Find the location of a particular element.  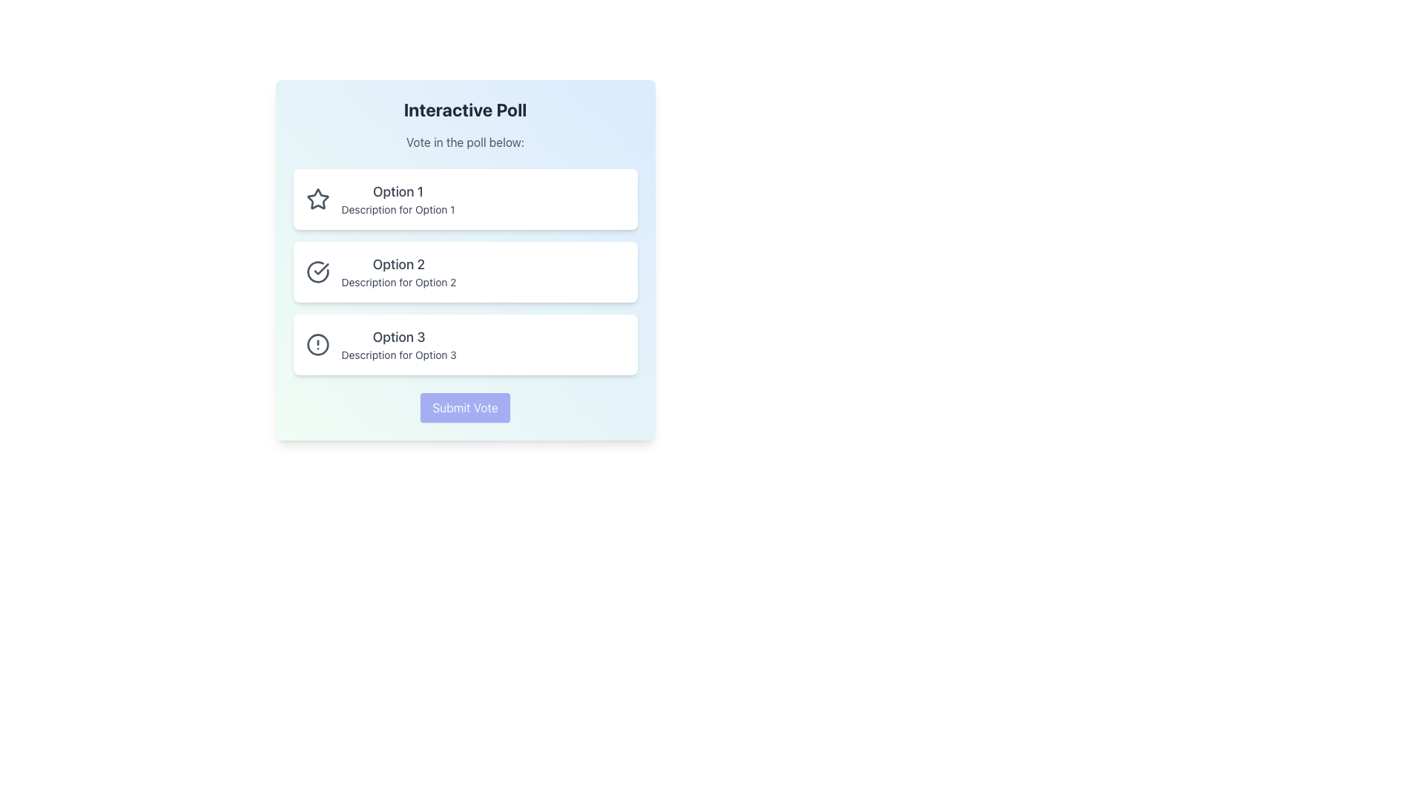

the icon located on the left side of the 'Option 1 Description for Option 1' text, which serves as a visual marker or indicator is located at coordinates (317, 199).